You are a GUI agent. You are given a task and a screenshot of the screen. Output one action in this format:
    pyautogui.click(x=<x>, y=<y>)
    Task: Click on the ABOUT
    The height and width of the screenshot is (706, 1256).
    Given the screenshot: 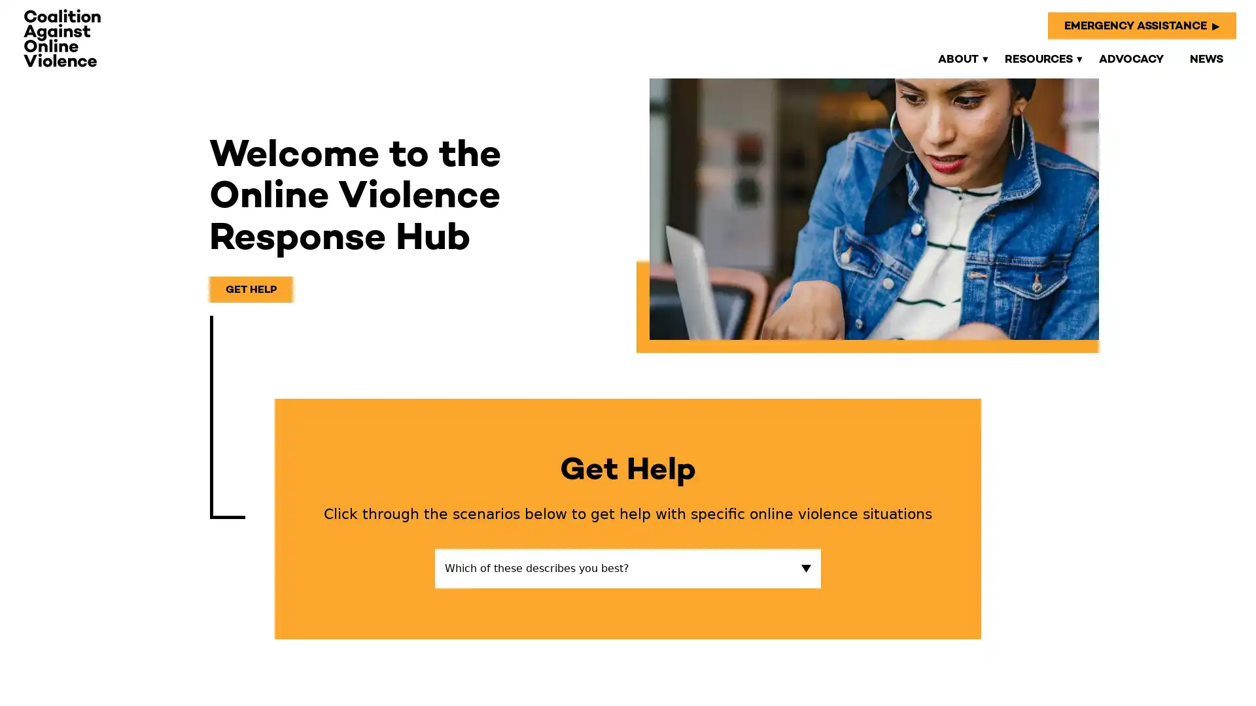 What is the action you would take?
    pyautogui.click(x=958, y=58)
    